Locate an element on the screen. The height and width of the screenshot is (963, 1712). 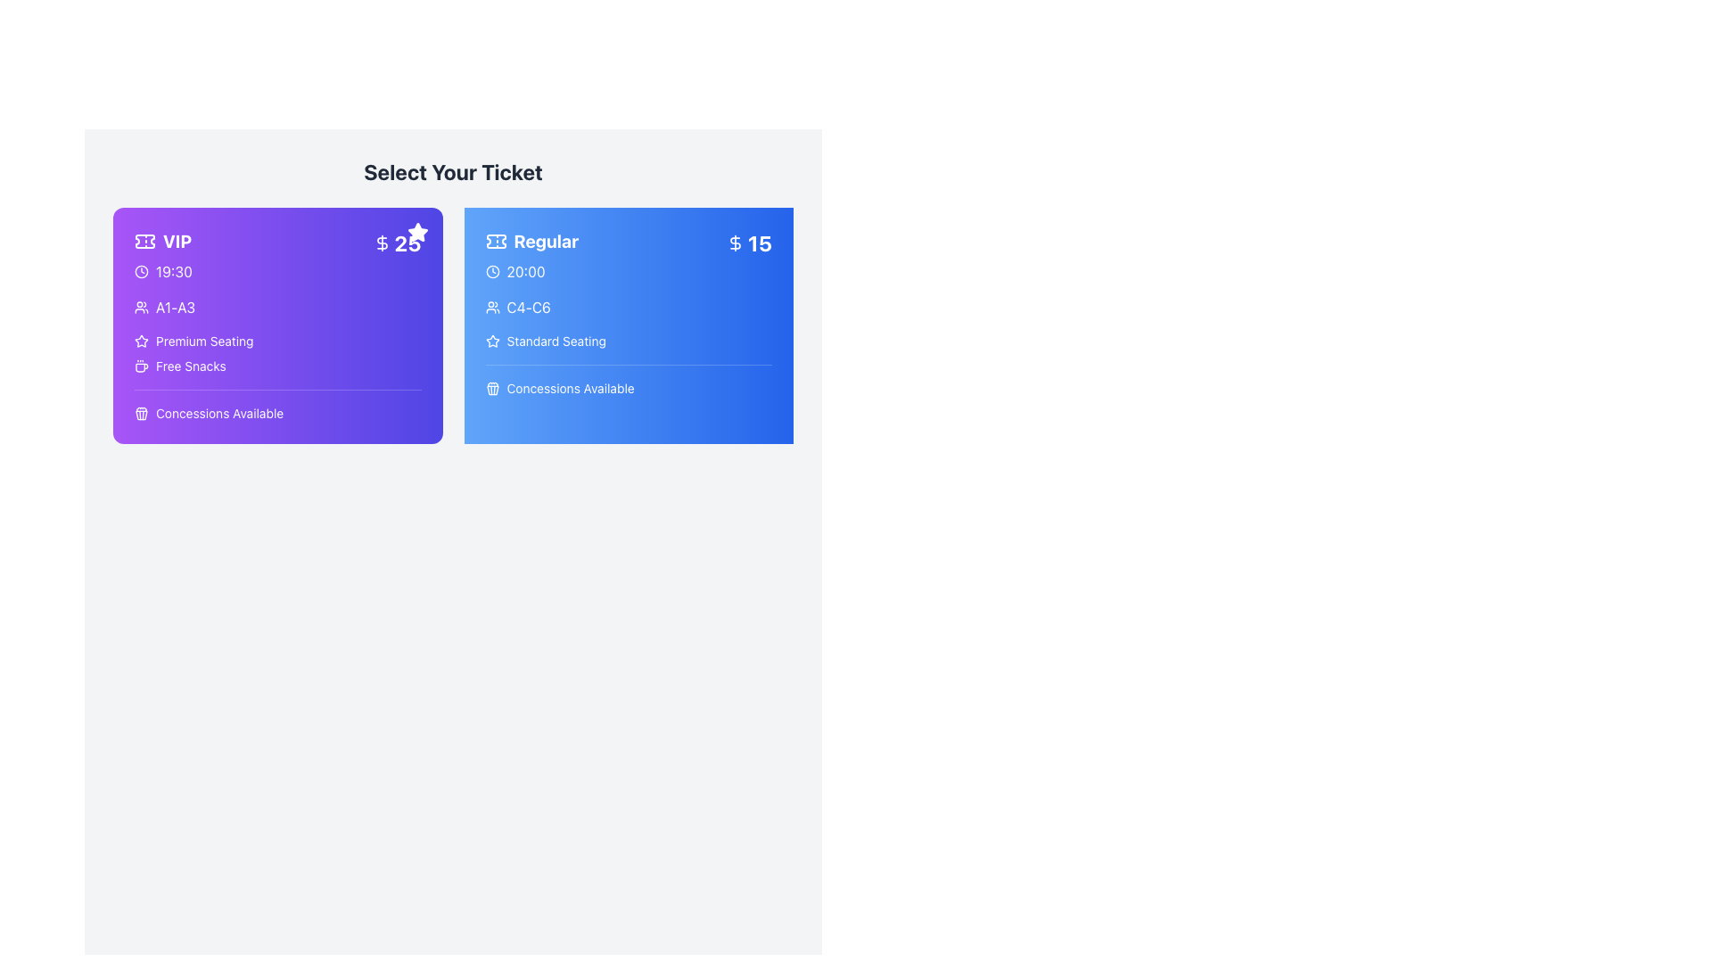
the 'Regular' label with an icon located in the upper-left portion of the right card, positioned below the title text and above the time information '20:00' is located at coordinates (531, 241).